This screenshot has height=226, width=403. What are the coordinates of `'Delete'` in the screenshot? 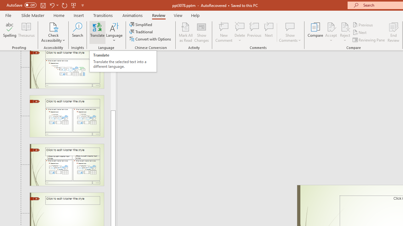 It's located at (240, 26).